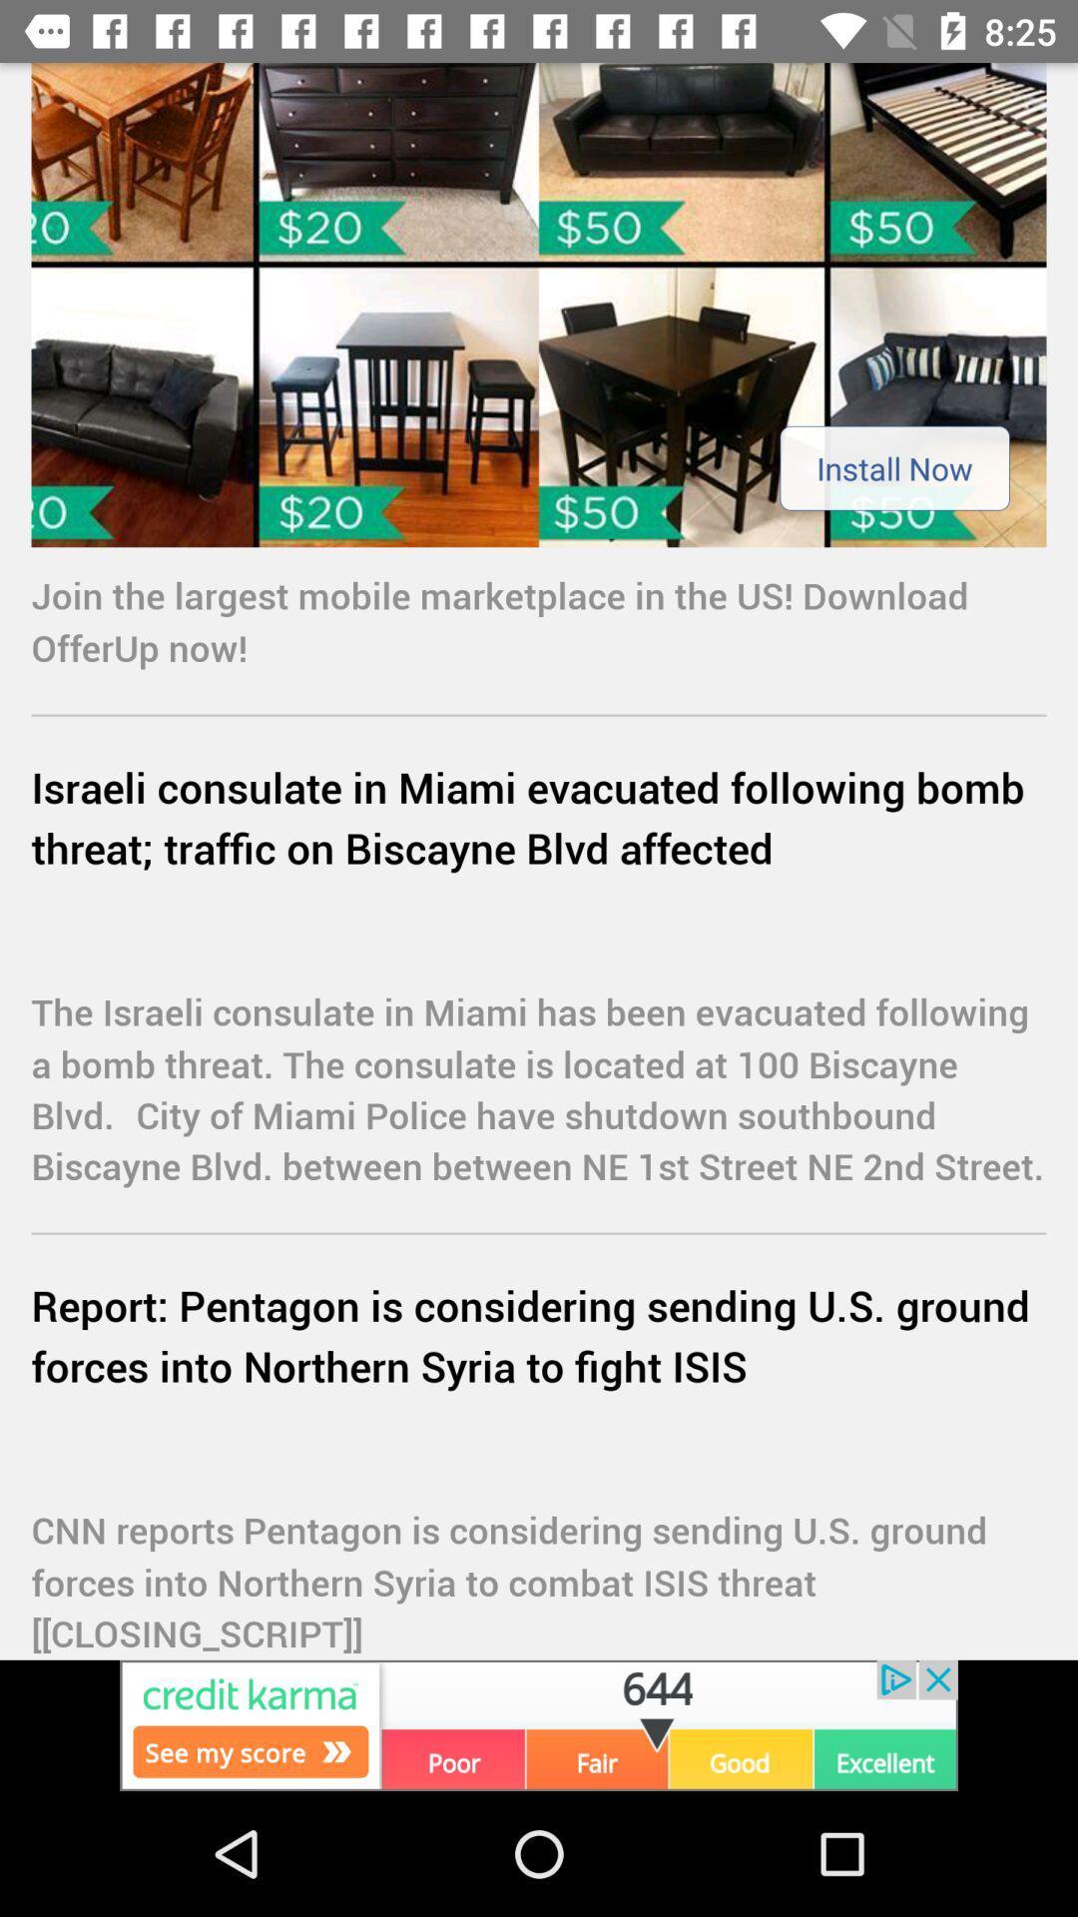 This screenshot has width=1078, height=1917. What do you see at coordinates (539, 304) in the screenshot?
I see `advertisement link` at bounding box center [539, 304].